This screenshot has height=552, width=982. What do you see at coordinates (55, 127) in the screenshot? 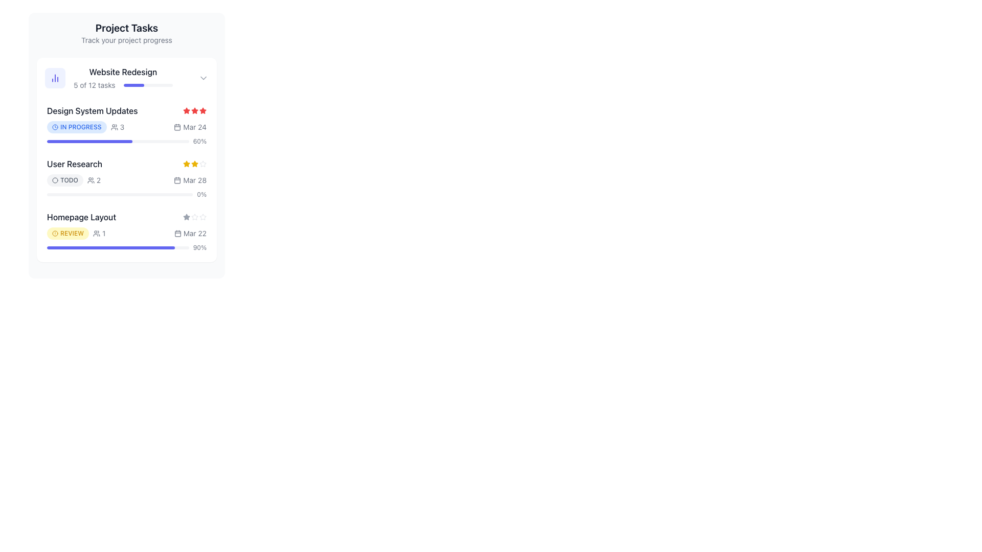
I see `the circular clock icon with a simplistic, line-drawn style, located to the left of the 'IN PROGRESS' text within the blue rounded rectangular badge for the 'Design System Updates' task item` at bounding box center [55, 127].